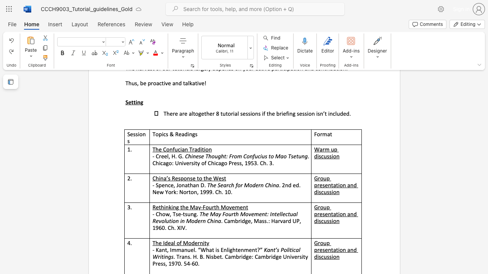 Image resolution: width=488 pixels, height=274 pixels. What do you see at coordinates (314, 250) in the screenshot?
I see `the subset text "presentation and disc" within the text "Group presentation and discussion"` at bounding box center [314, 250].